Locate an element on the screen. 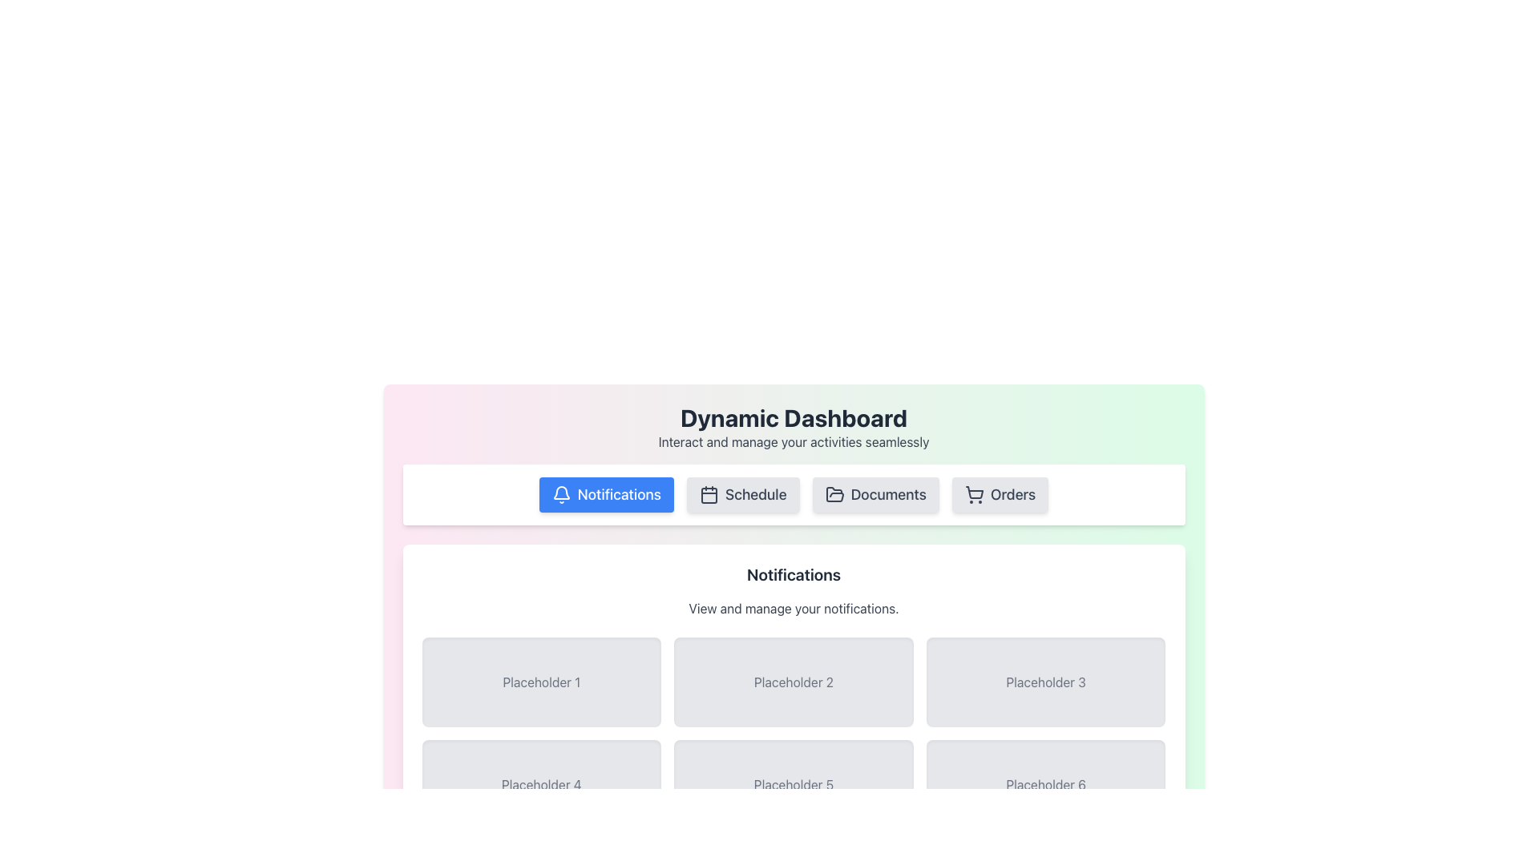  the text label reading 'Notifications', which is part of a button-like component in the horizontal menu bar at the top of the page is located at coordinates (618, 493).